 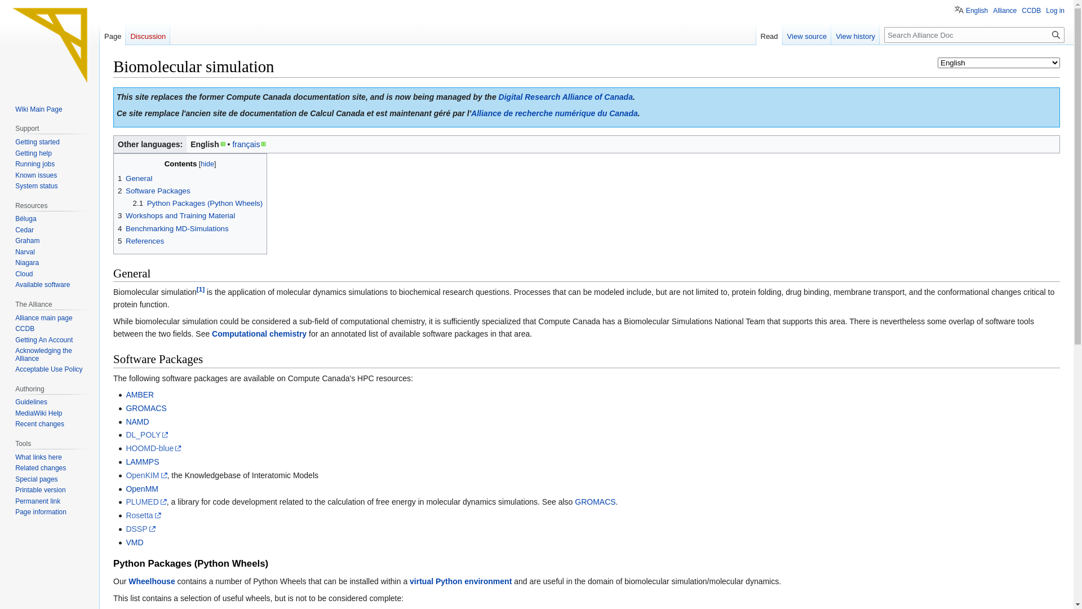 I want to click on 'MediaWiki Help', so click(x=38, y=413).